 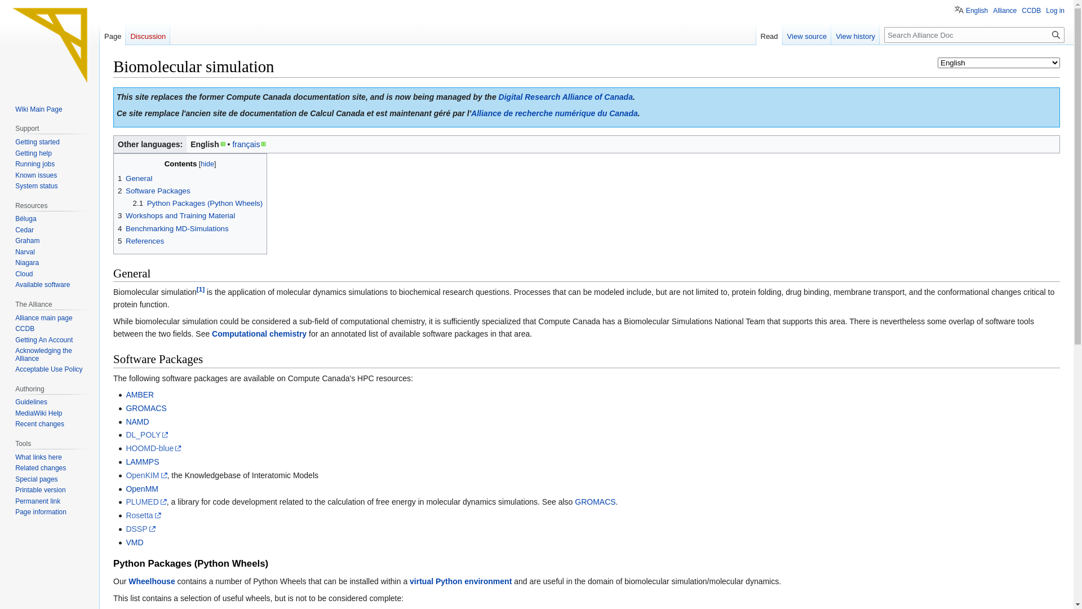 I want to click on 'MediaWiki Help', so click(x=38, y=413).